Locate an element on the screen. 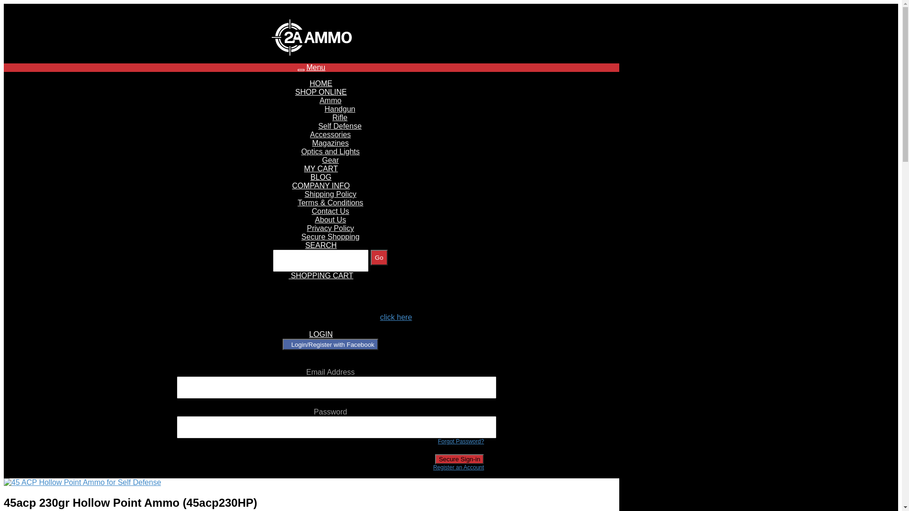 This screenshot has height=511, width=909. 'LOGIN' is located at coordinates (321, 334).